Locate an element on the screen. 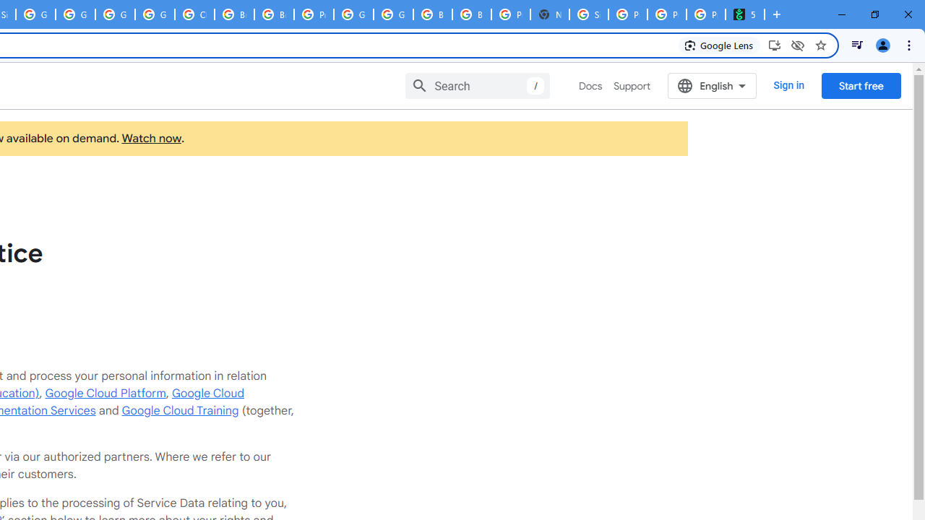 The width and height of the screenshot is (925, 520). 'Install Google Cloud' is located at coordinates (774, 44).